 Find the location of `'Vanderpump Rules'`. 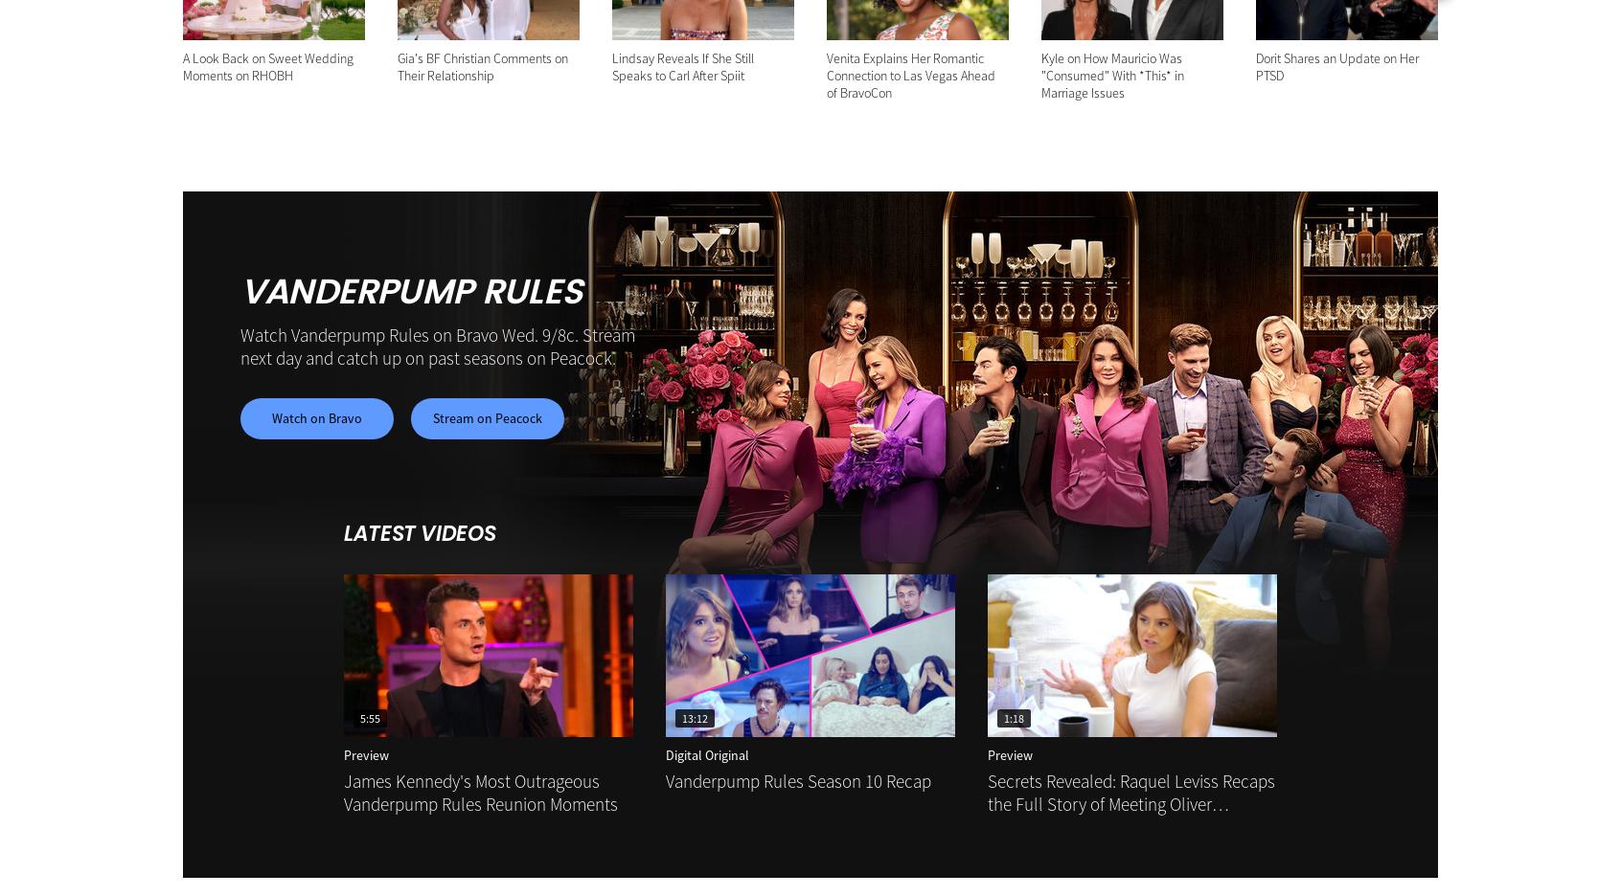

'Vanderpump Rules' is located at coordinates (409, 292).